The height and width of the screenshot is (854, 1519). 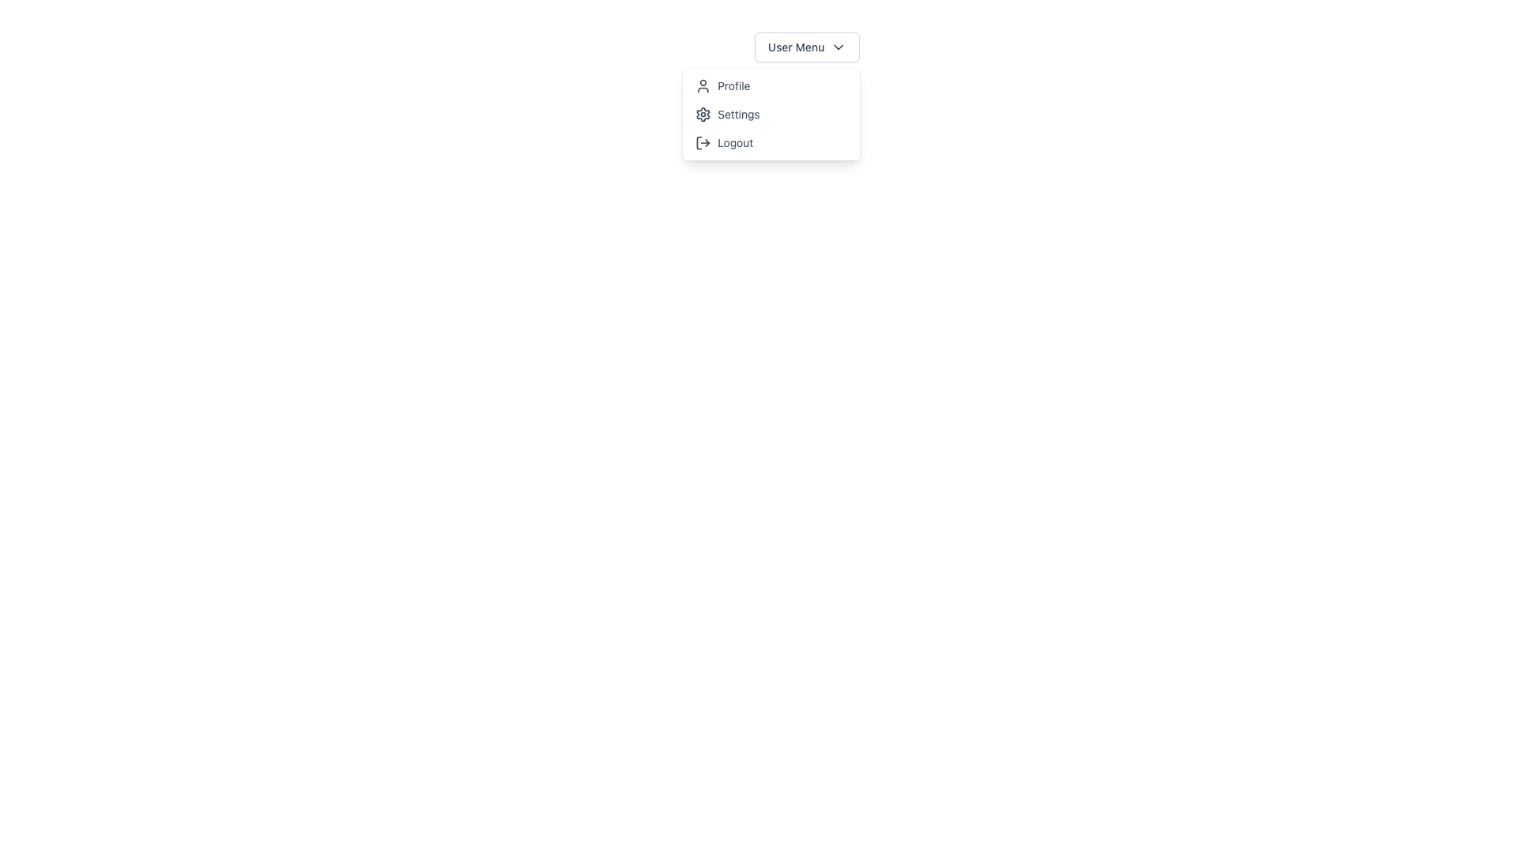 I want to click on the settings button in the user menu, which is the second item in the vertical list of options, to observe the hover effect, so click(x=771, y=114).